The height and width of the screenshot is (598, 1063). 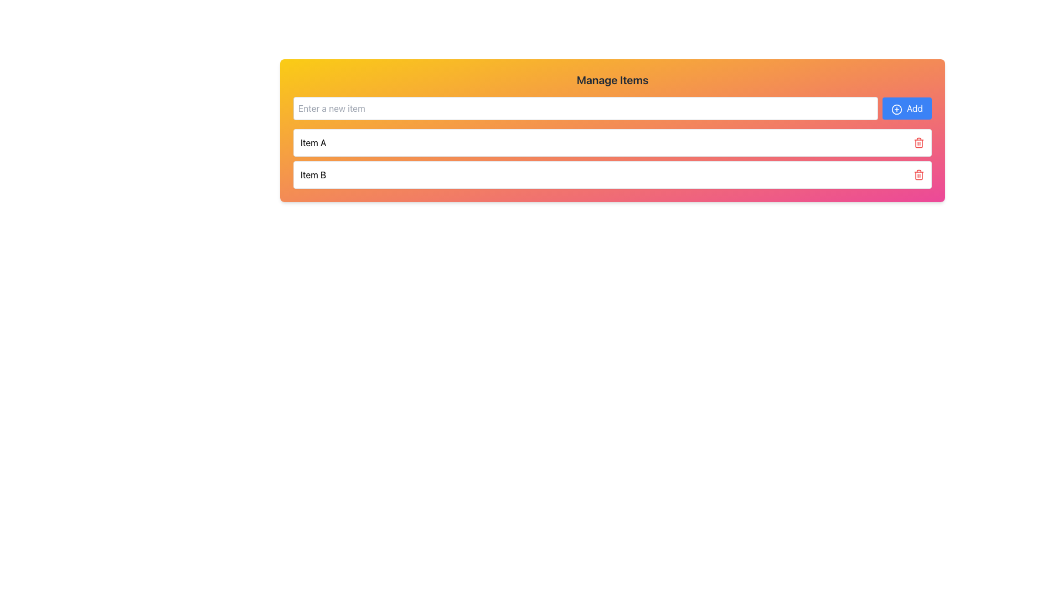 I want to click on the 'Add New Item' button located on the right side of the input field labeled 'Enter a new item', so click(x=907, y=109).